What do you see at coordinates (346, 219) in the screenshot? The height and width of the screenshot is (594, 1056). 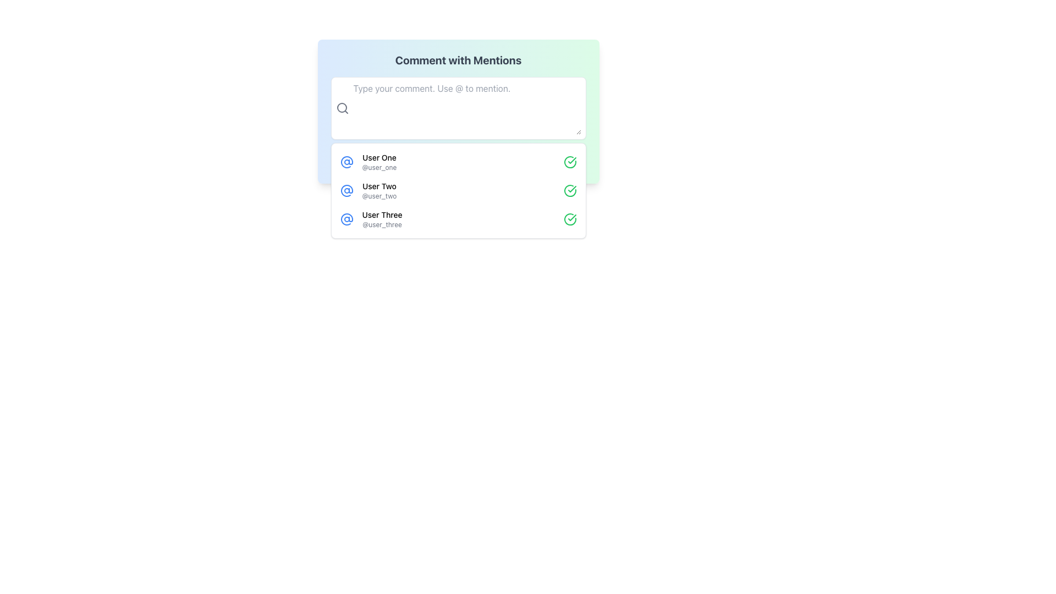 I see `the blue '@' icon located to the left of the user labels 'User Three' and '@user_three' within the list entry` at bounding box center [346, 219].